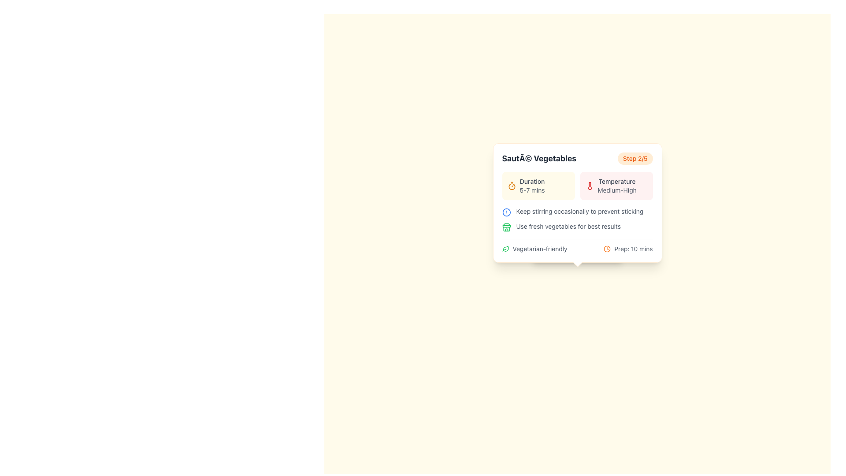  Describe the element at coordinates (512, 186) in the screenshot. I see `the circular shape element within the timer icon located near the 'Duration' section of the 'Sauté Vegetables' instruction card` at that location.